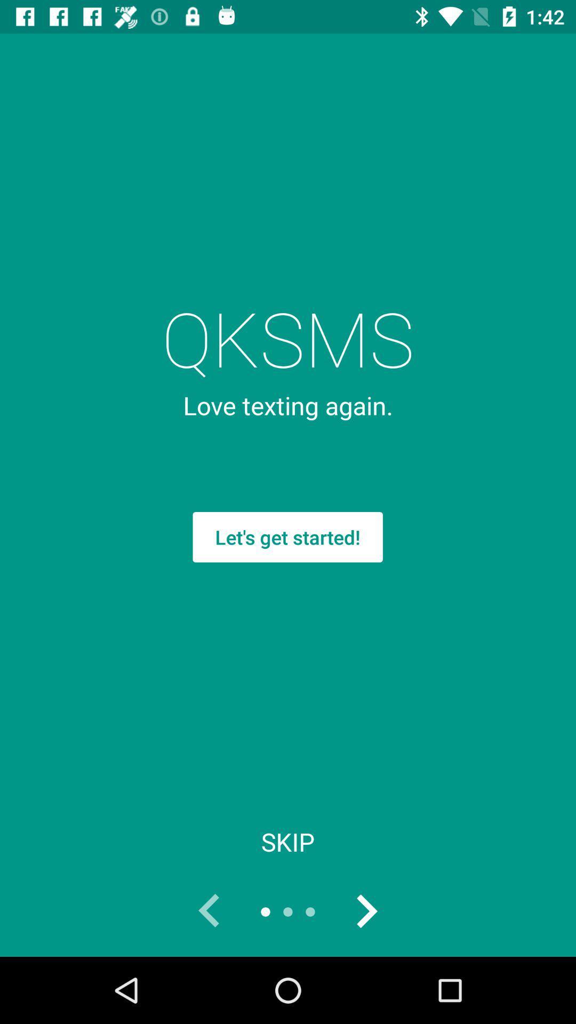 The image size is (576, 1024). I want to click on go next, so click(365, 911).